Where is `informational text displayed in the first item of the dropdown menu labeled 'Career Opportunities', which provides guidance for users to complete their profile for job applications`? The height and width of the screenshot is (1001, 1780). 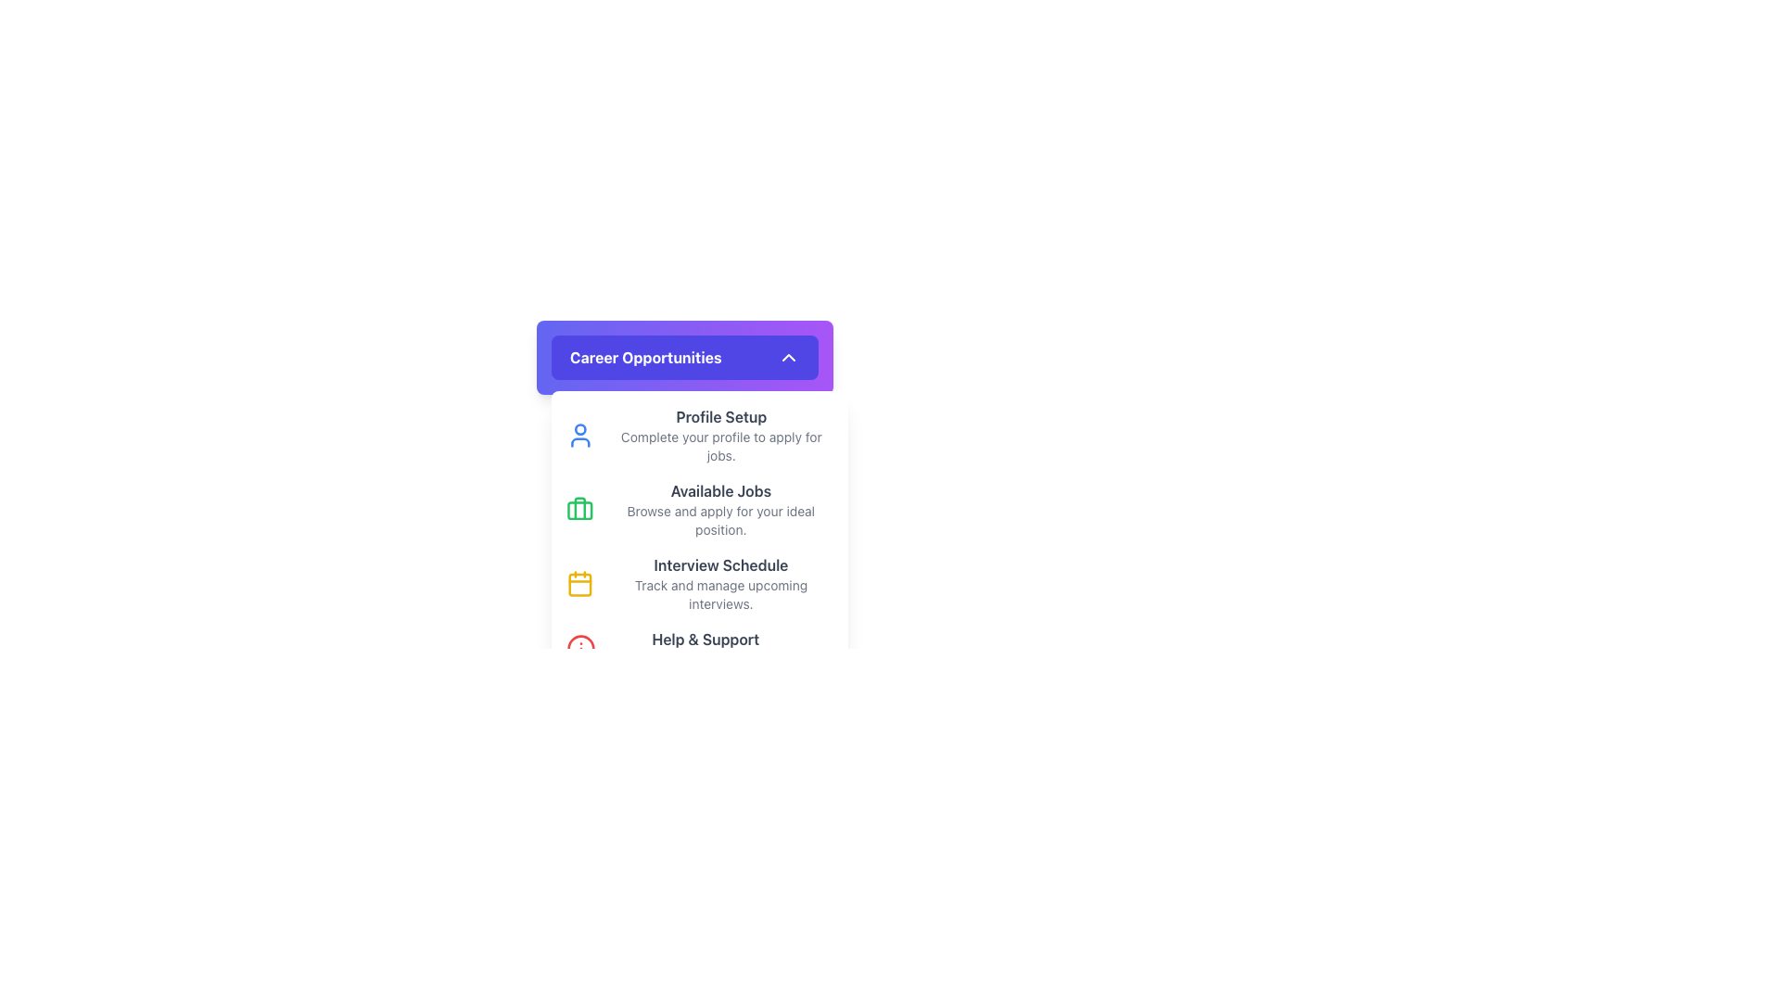 informational text displayed in the first item of the dropdown menu labeled 'Career Opportunities', which provides guidance for users to complete their profile for job applications is located at coordinates (698, 436).